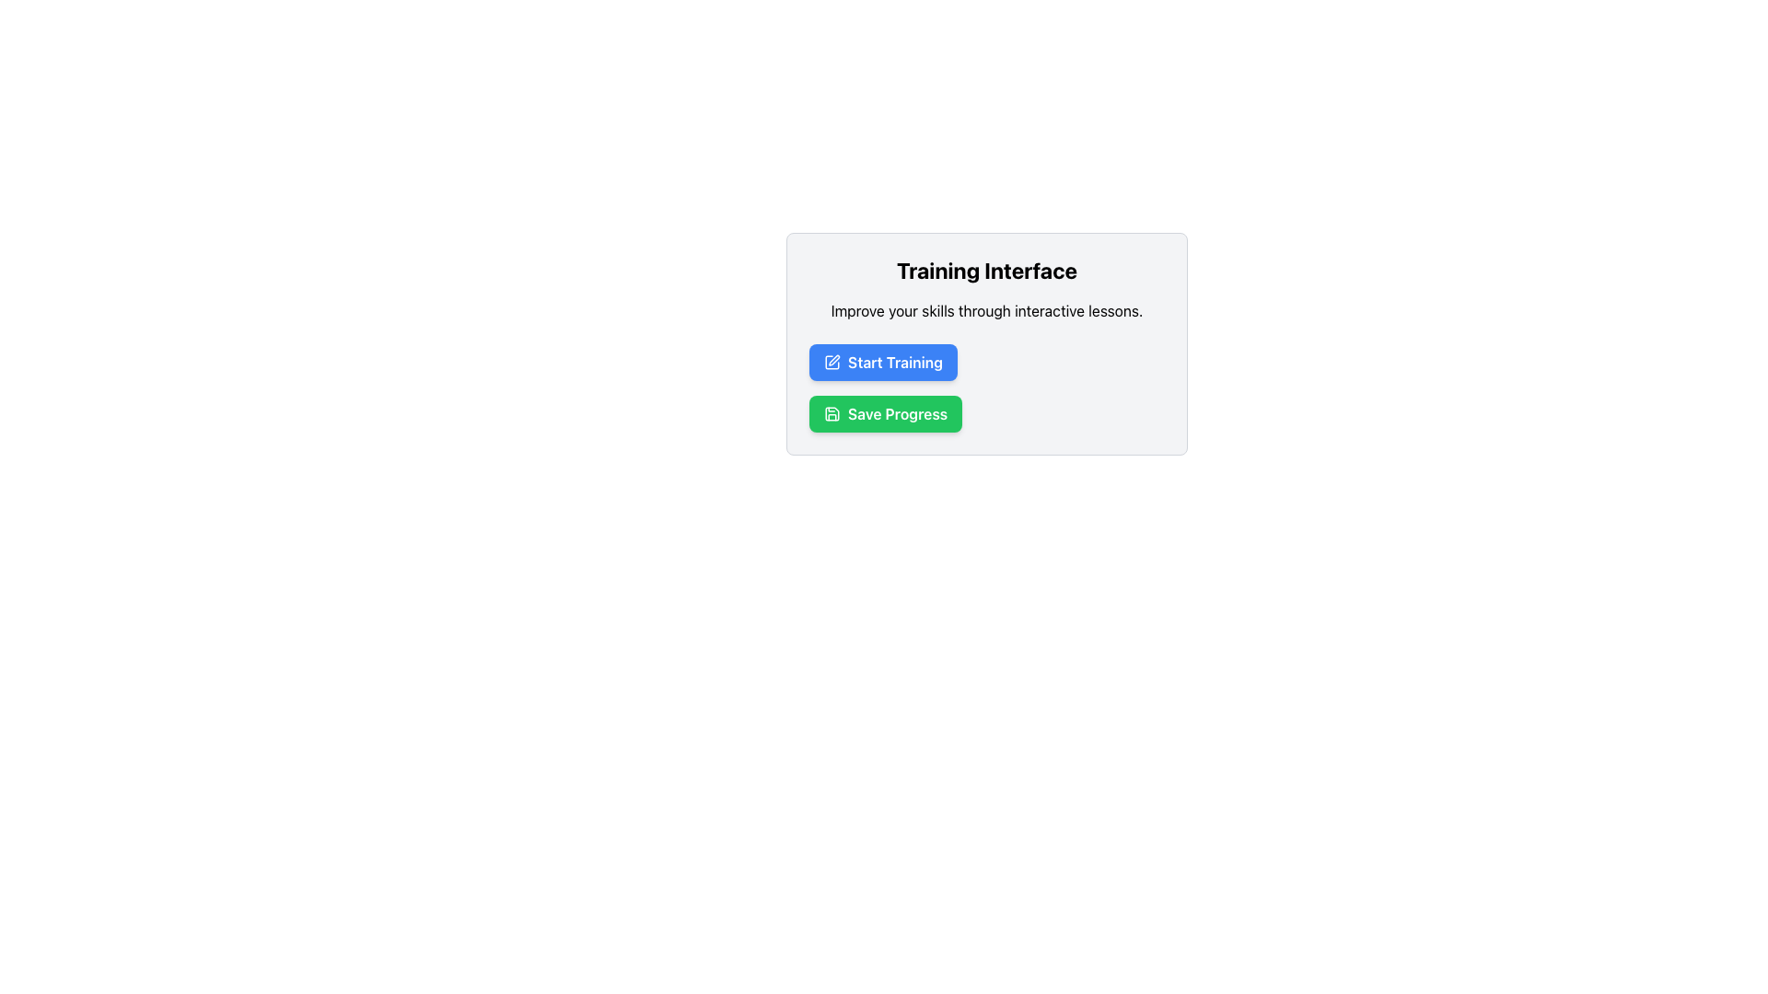  Describe the element at coordinates (831, 414) in the screenshot. I see `the Save Progress icon, which is located on the left side of the Save Progress button` at that location.